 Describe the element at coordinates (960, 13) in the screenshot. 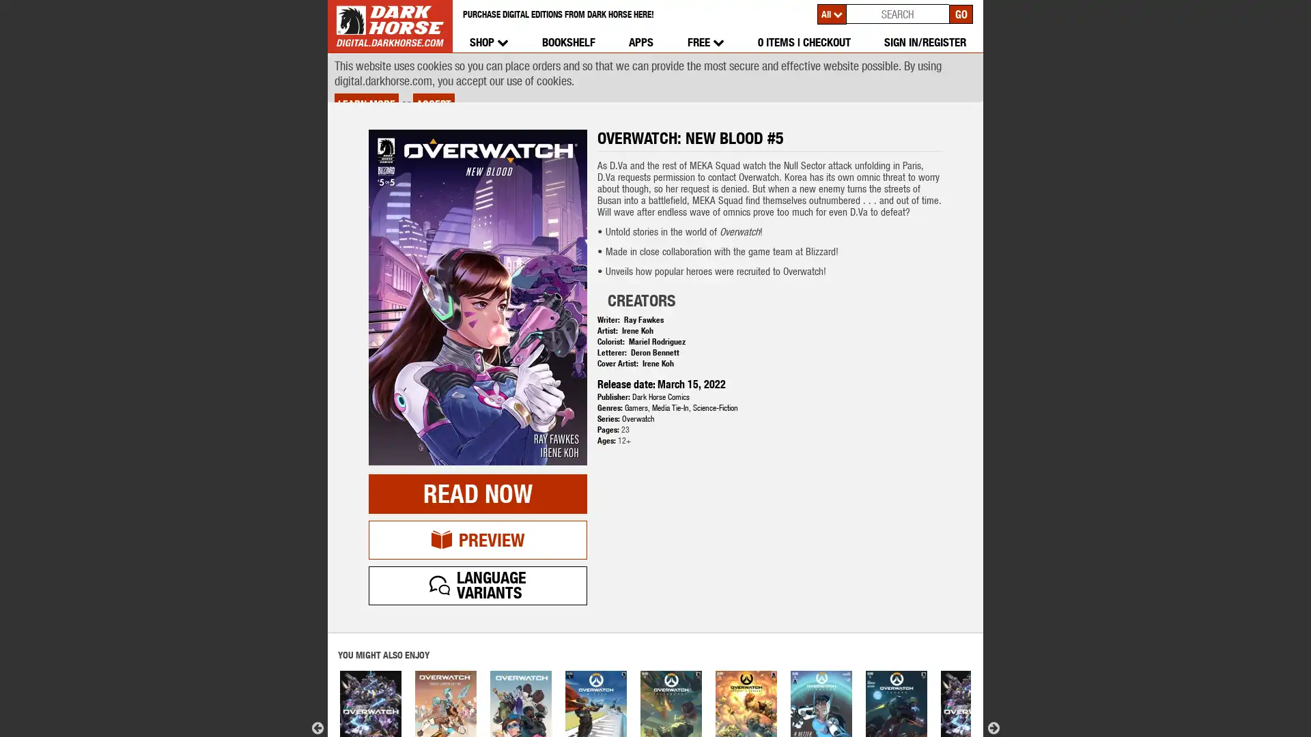

I see `GO` at that location.